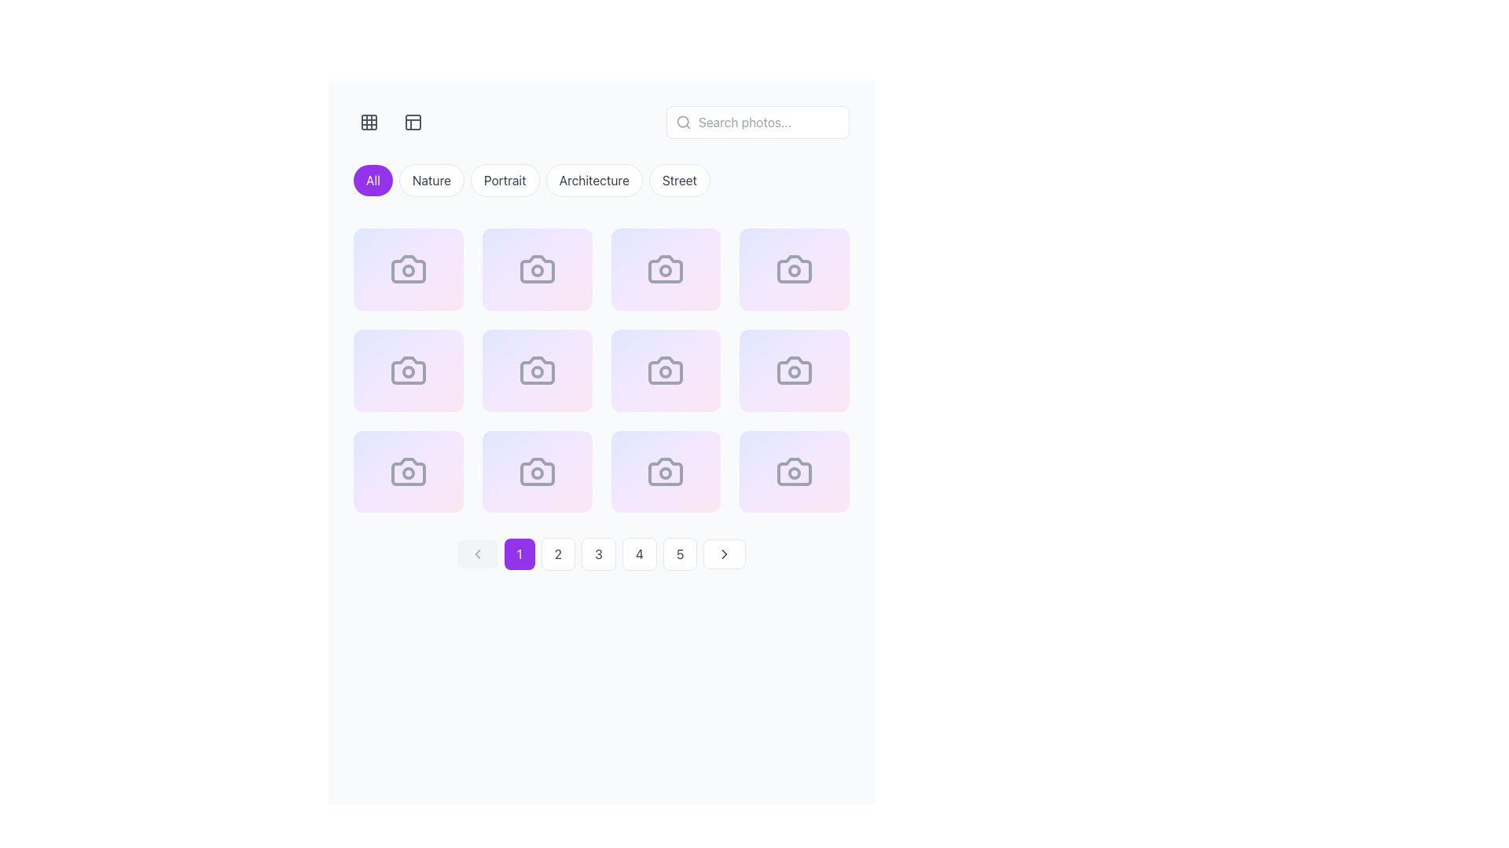  I want to click on the small red circular shape representing the lens or button of the camera icon located in the second row and third column of the grid layout, so click(666, 372).